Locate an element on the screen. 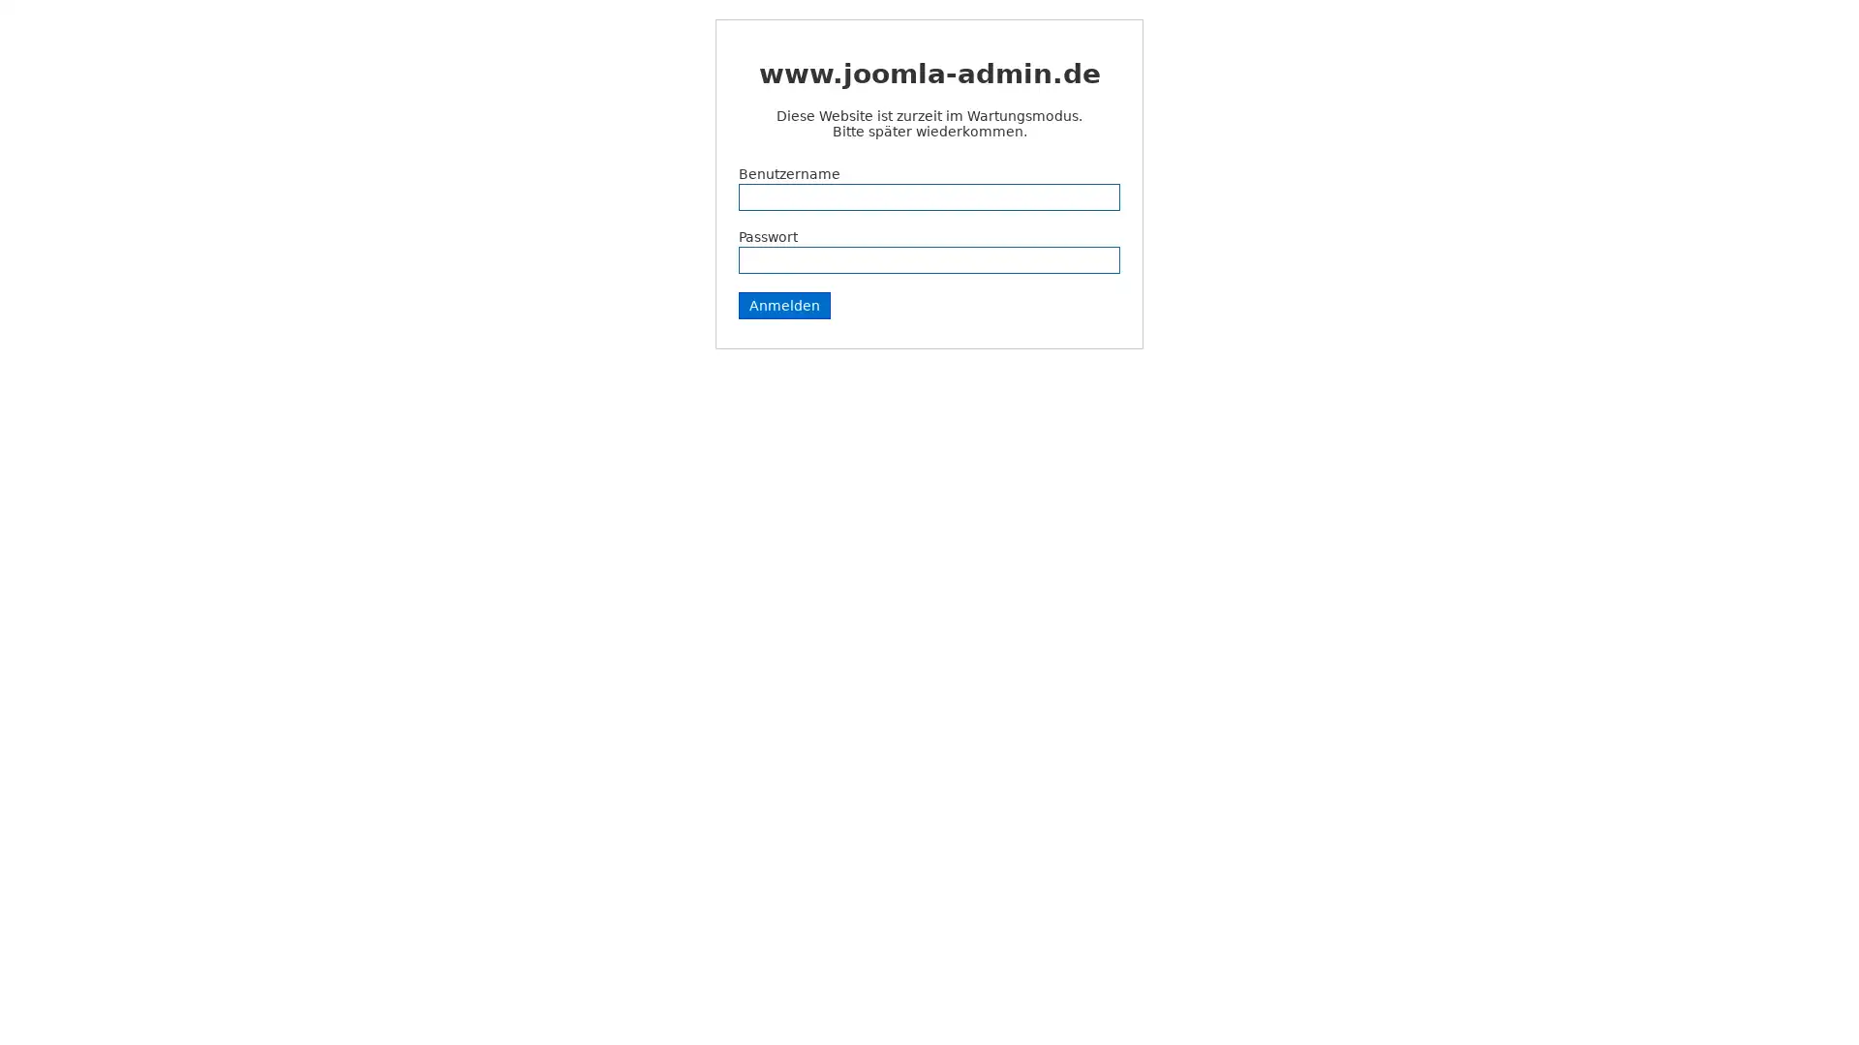 The height and width of the screenshot is (1045, 1859). Anmelden is located at coordinates (783, 305).